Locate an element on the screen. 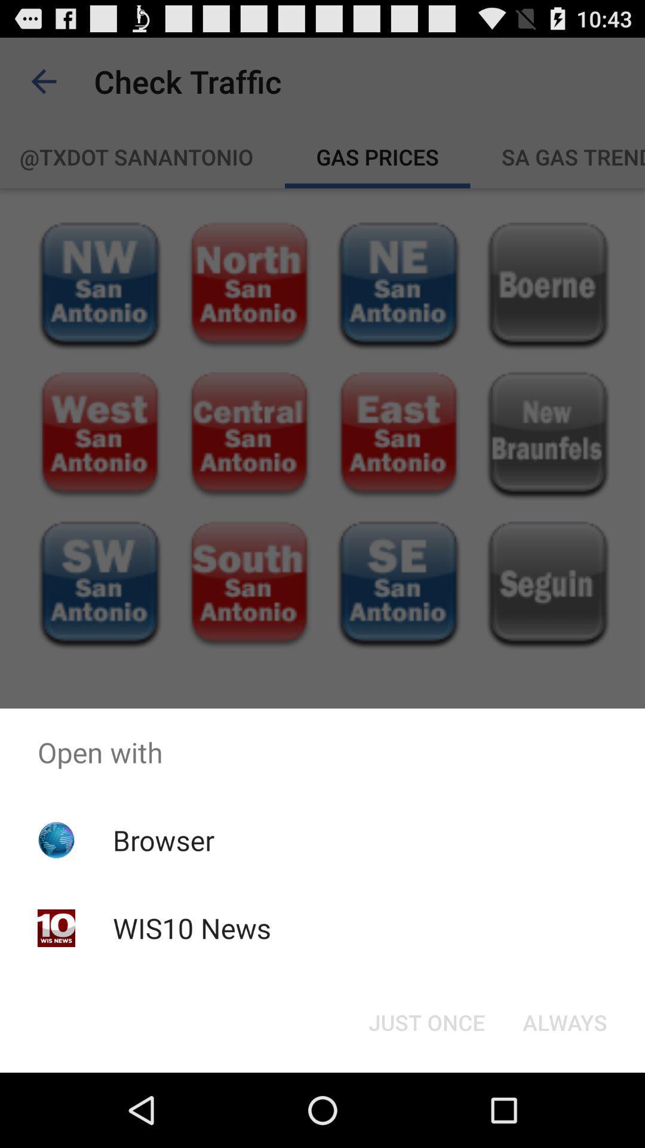 Image resolution: width=645 pixels, height=1148 pixels. item at the bottom is located at coordinates (426, 1021).